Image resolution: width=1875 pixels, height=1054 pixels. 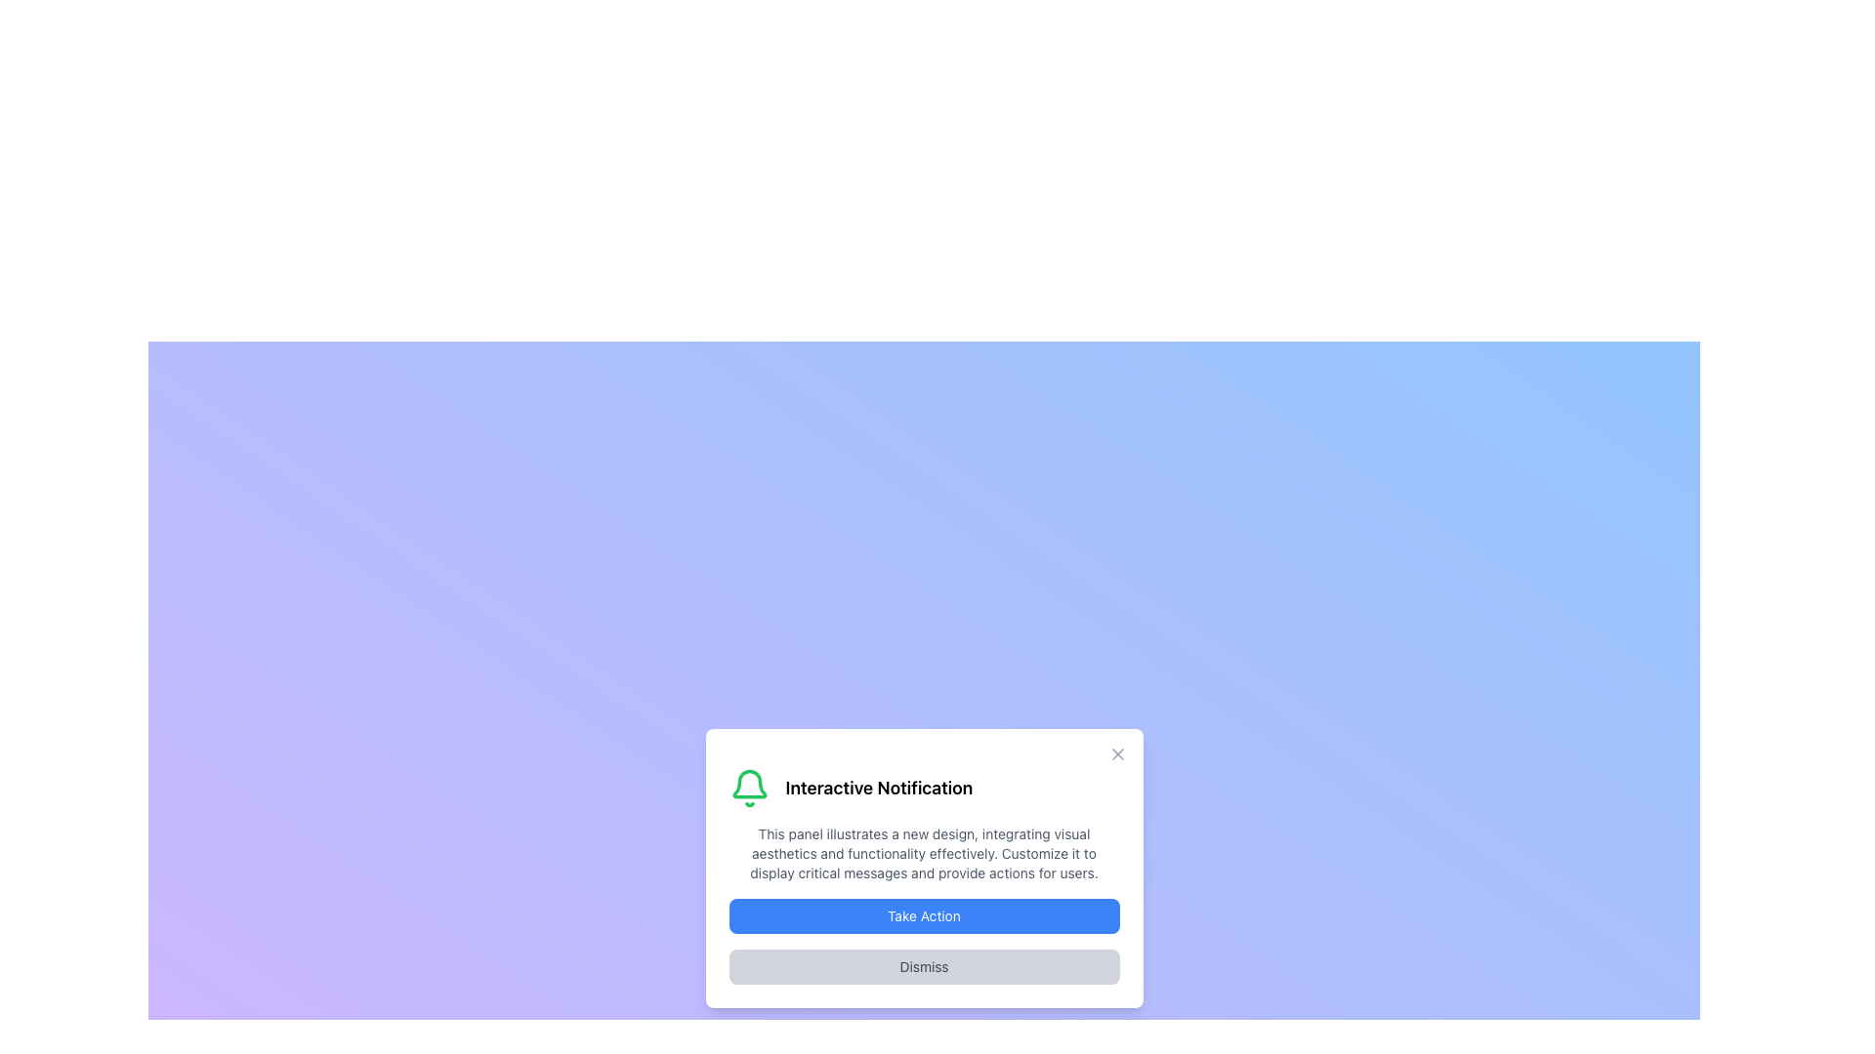 What do you see at coordinates (1117, 752) in the screenshot?
I see `the close icon button located in the top-right corner of the card-like panel` at bounding box center [1117, 752].